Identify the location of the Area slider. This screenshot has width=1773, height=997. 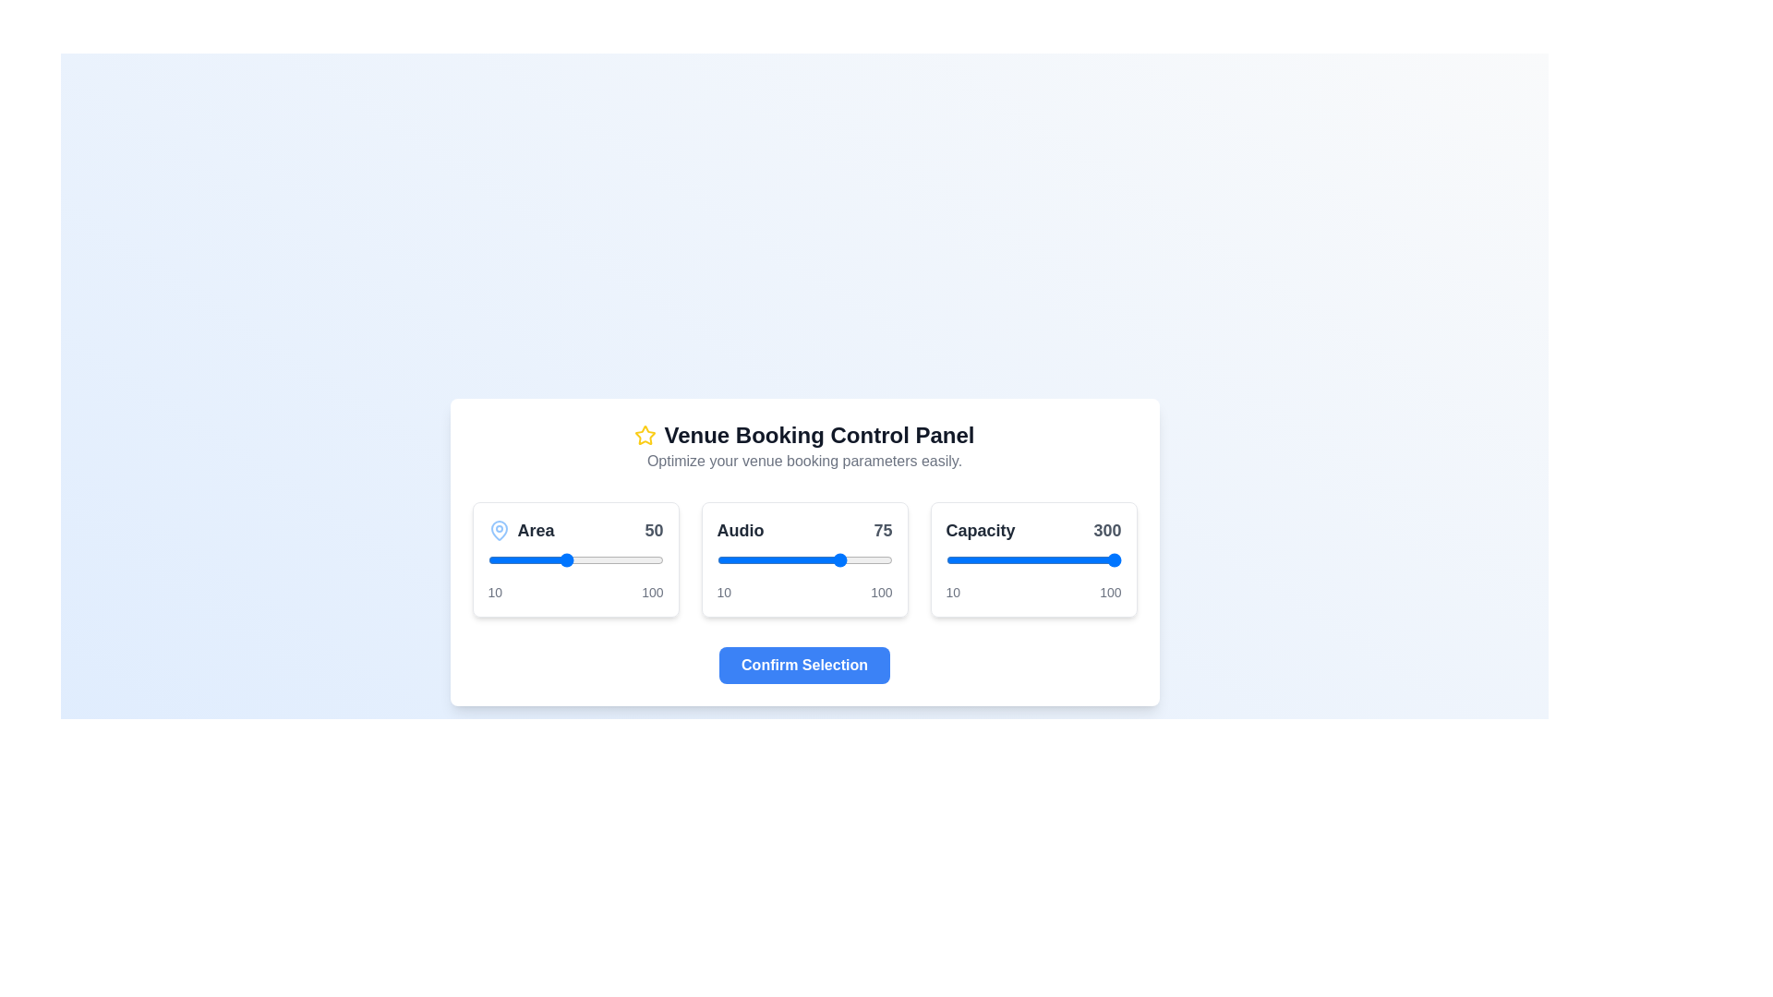
(624, 559).